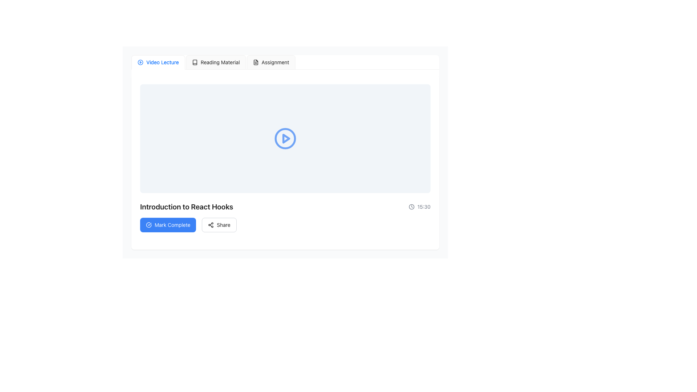 The width and height of the screenshot is (697, 392). I want to click on the first tab in the horizontal navigation bar at the top of the section, so click(158, 62).